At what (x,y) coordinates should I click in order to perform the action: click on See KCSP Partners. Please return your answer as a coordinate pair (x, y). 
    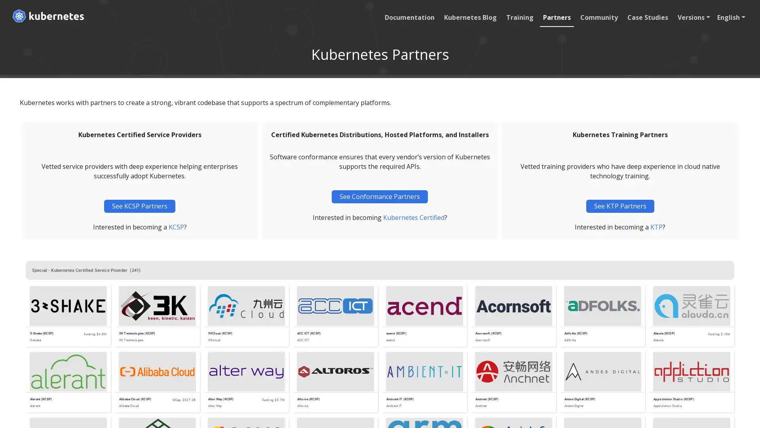
    Looking at the image, I should click on (140, 206).